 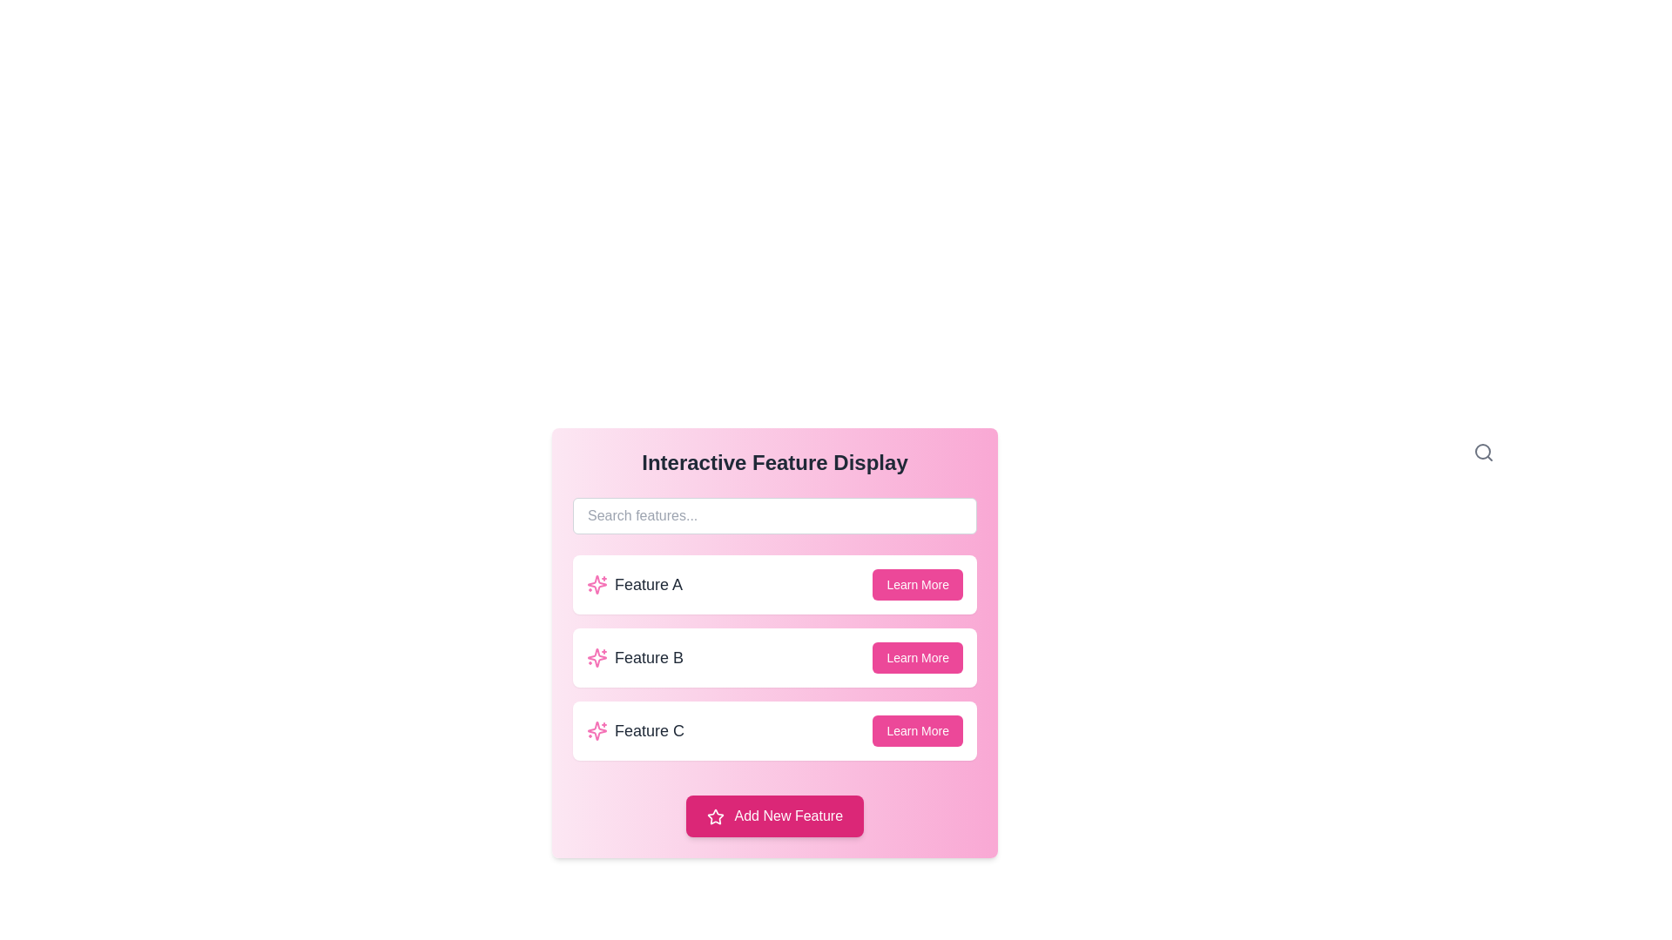 What do you see at coordinates (634, 584) in the screenshot?
I see `the text label indicating 'Feature A', which is located in the first row of a list within a card layout under the heading 'Interactive Feature Display'` at bounding box center [634, 584].